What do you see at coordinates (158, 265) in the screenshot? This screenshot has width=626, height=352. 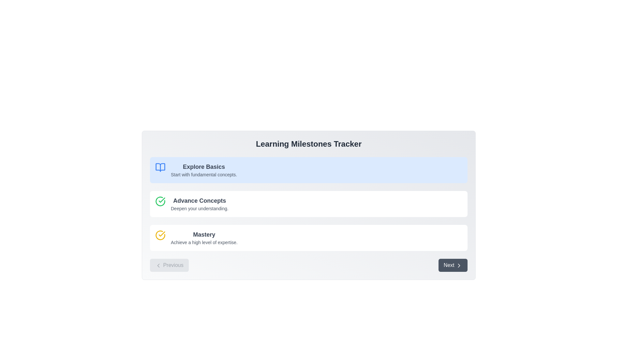 I see `the button that contains the left chevron icon, which is positioned next to the text 'Previous' in the bottom-left corner of the central panel` at bounding box center [158, 265].